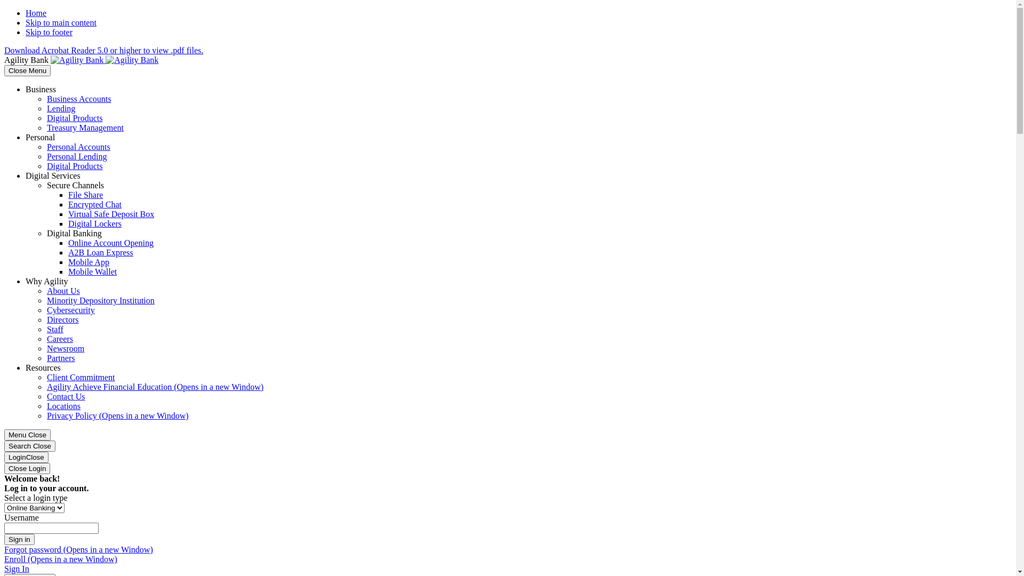 This screenshot has height=576, width=1024. I want to click on 'Sign in', so click(19, 539).